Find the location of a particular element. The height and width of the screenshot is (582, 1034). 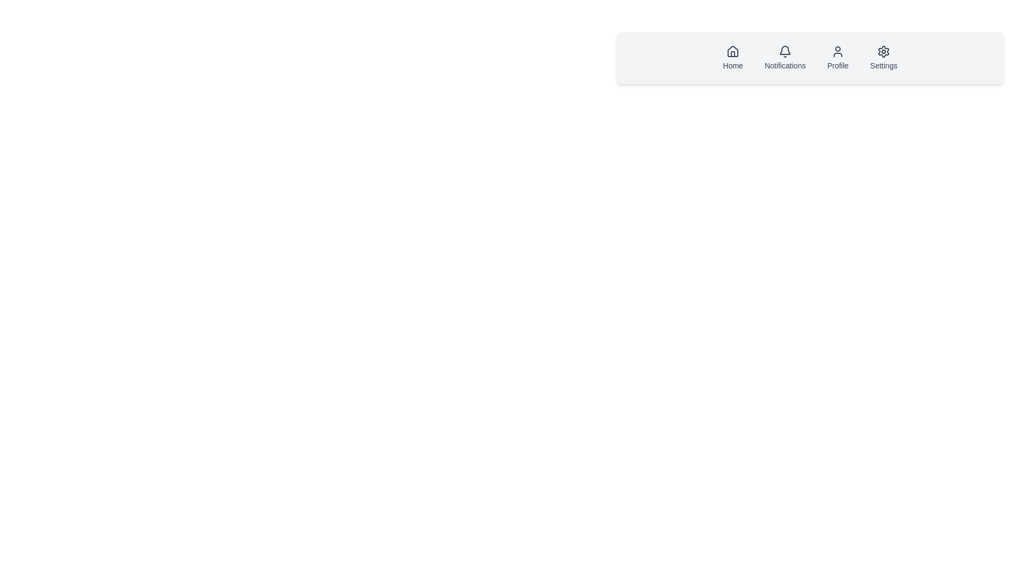

the navigation button located in the horizontal navigation bar, specifically the third button from the left is located at coordinates (837, 58).